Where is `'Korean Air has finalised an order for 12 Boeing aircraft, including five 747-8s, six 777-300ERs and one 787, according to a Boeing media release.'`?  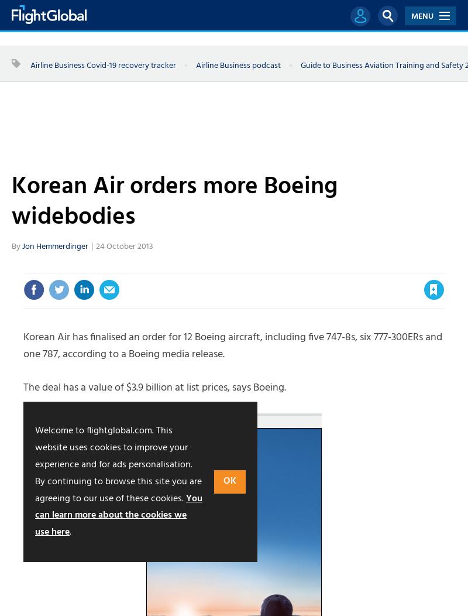 'Korean Air has finalised an order for 12 Boeing aircraft, including five 747-8s, six 777-300ERs and one 787, according to a Boeing media release.' is located at coordinates (232, 345).